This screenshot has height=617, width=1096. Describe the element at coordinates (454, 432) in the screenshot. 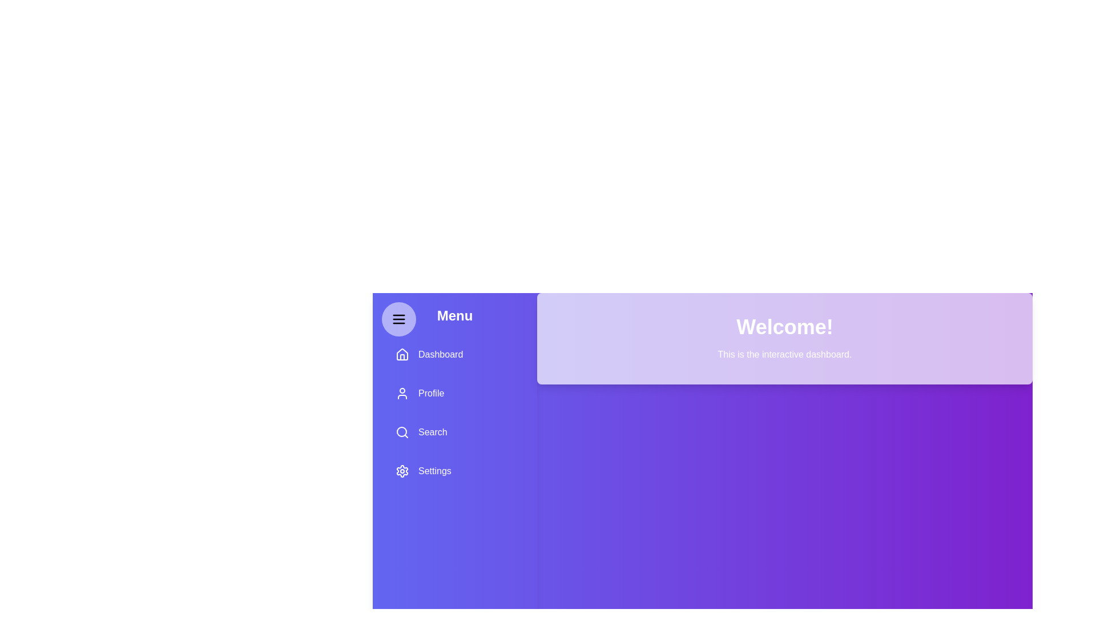

I see `the menu item Search to observe its hover effect` at that location.